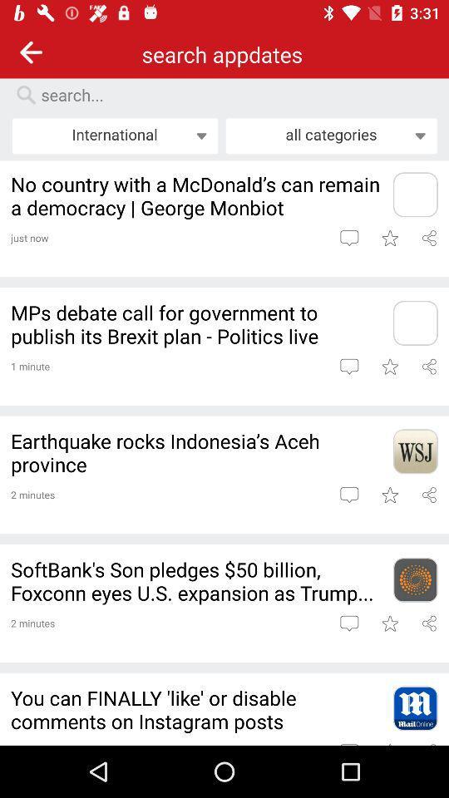  I want to click on click for more, so click(414, 195).